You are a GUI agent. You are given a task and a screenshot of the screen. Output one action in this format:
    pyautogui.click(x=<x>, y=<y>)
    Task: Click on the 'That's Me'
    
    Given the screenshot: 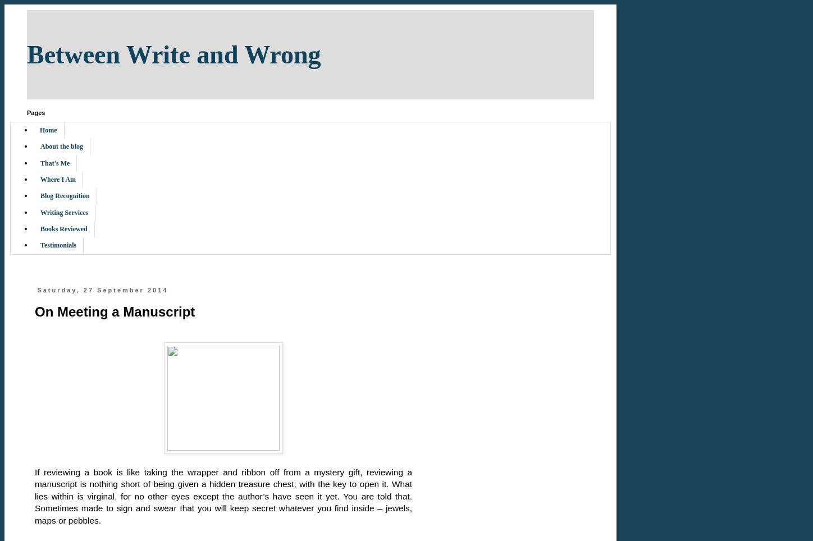 What is the action you would take?
    pyautogui.click(x=54, y=162)
    